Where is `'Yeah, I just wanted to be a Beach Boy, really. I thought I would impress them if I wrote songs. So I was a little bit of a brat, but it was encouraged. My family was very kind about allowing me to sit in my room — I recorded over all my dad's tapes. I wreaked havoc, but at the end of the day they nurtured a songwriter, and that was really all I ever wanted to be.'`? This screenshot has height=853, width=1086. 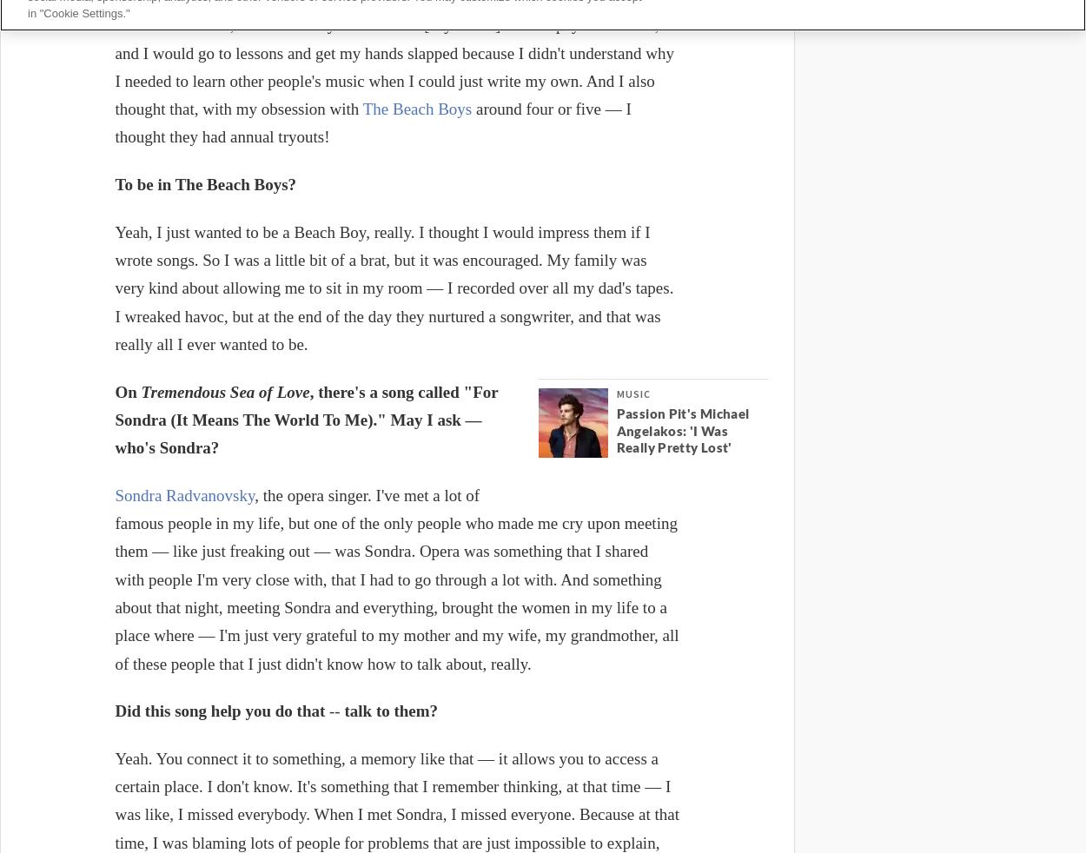 'Yeah, I just wanted to be a Beach Boy, really. I thought I would impress them if I wrote songs. So I was a little bit of a brat, but it was encouraged. My family was very kind about allowing me to sit in my room — I recorded over all my dad's tapes. I wreaked havoc, but at the end of the day they nurtured a songwriter, and that was really all I ever wanted to be.' is located at coordinates (115, 288).